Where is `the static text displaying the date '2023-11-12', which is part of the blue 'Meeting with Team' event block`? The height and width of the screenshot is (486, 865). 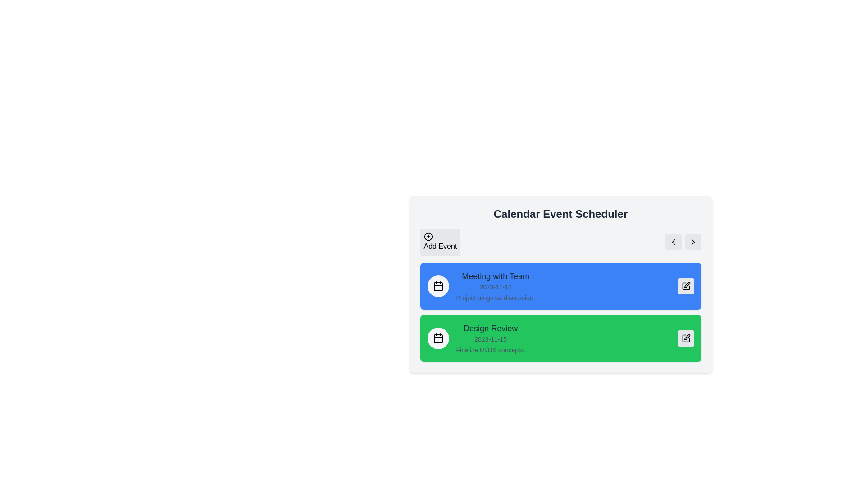
the static text displaying the date '2023-11-12', which is part of the blue 'Meeting with Team' event block is located at coordinates (495, 287).